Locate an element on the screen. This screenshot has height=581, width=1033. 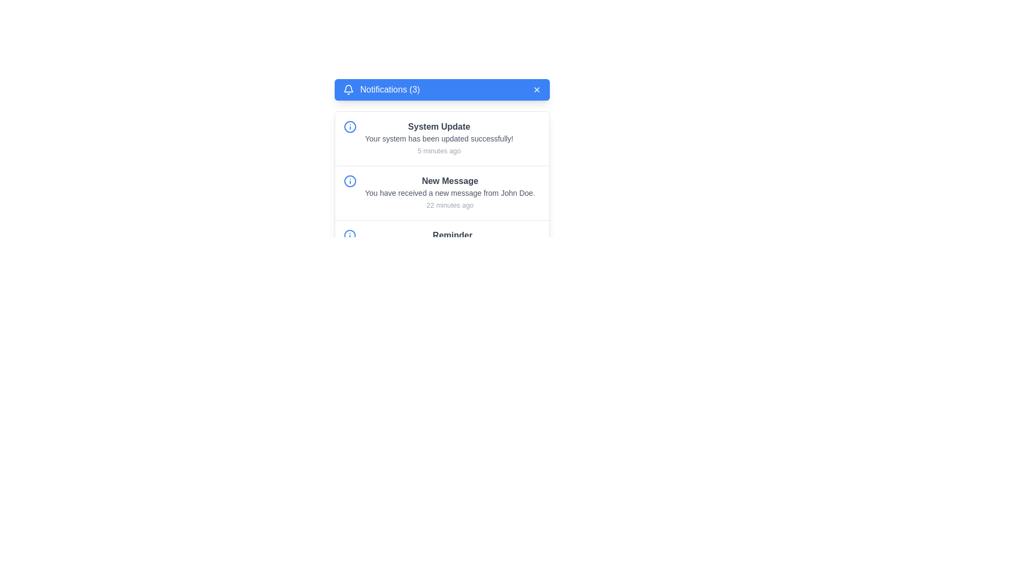
the 'System Update' notification card to acknowledge it. This card features a heading, description, and timestamp, and it is the first notification in the list is located at coordinates (442, 138).